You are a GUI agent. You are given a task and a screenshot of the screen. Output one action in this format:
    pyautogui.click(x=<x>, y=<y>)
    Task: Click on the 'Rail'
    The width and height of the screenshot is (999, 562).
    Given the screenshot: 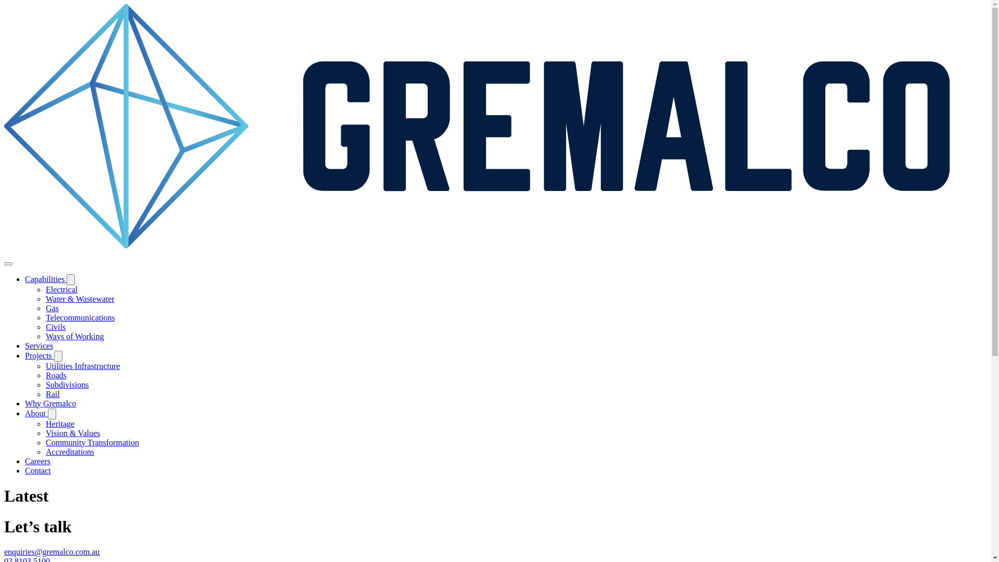 What is the action you would take?
    pyautogui.click(x=52, y=394)
    